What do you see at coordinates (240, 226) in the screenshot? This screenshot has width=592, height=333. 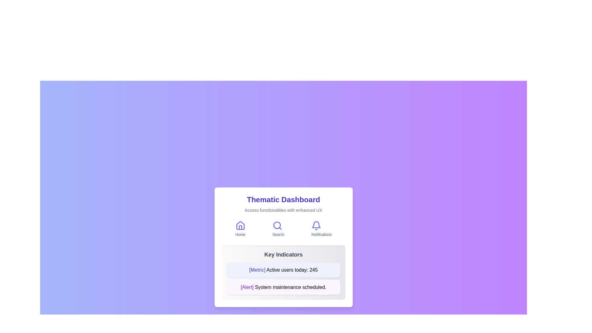 I see `the 'Home' icon located in the top-left corner of the navigation row` at bounding box center [240, 226].